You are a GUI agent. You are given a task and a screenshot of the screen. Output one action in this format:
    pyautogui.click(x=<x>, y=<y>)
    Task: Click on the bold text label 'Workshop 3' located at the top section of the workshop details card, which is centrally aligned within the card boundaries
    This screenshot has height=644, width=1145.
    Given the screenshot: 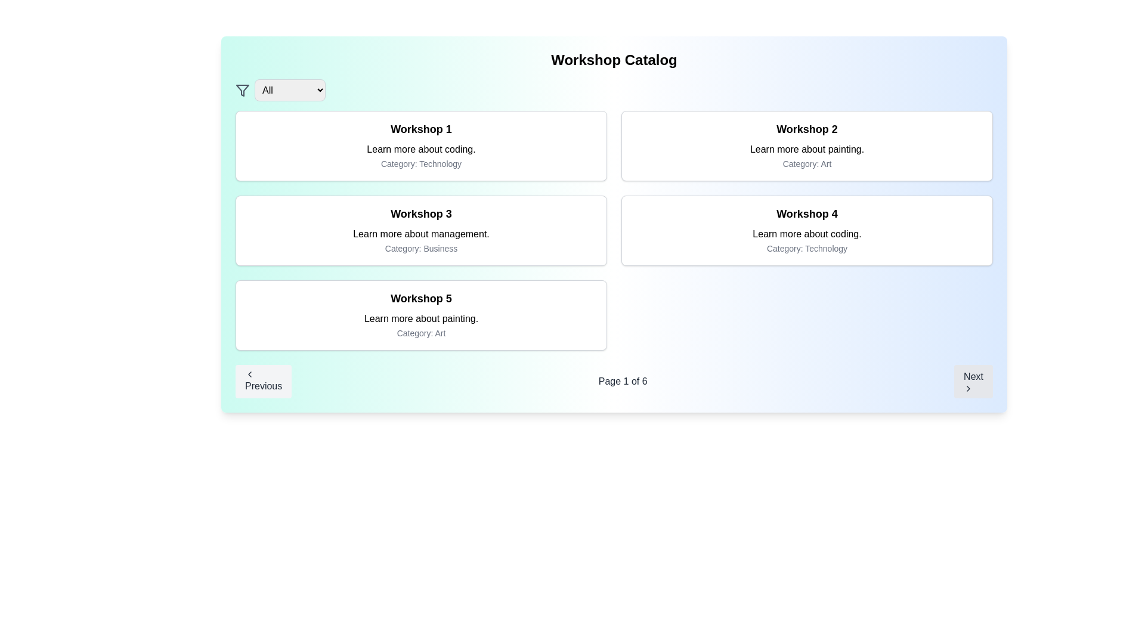 What is the action you would take?
    pyautogui.click(x=421, y=213)
    